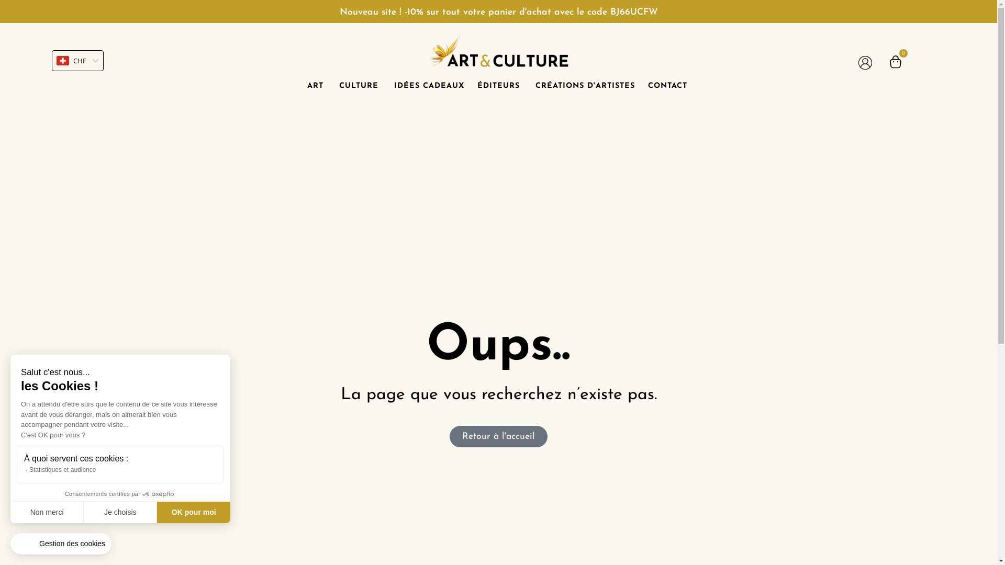  What do you see at coordinates (667, 86) in the screenshot?
I see `'CONTACT'` at bounding box center [667, 86].